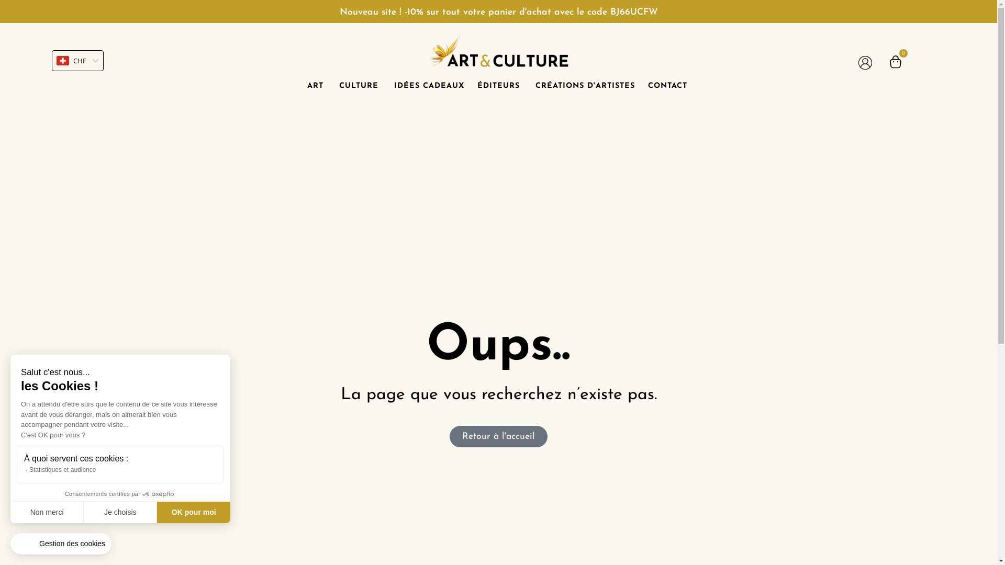  What do you see at coordinates (667, 86) in the screenshot?
I see `'CONTACT'` at bounding box center [667, 86].